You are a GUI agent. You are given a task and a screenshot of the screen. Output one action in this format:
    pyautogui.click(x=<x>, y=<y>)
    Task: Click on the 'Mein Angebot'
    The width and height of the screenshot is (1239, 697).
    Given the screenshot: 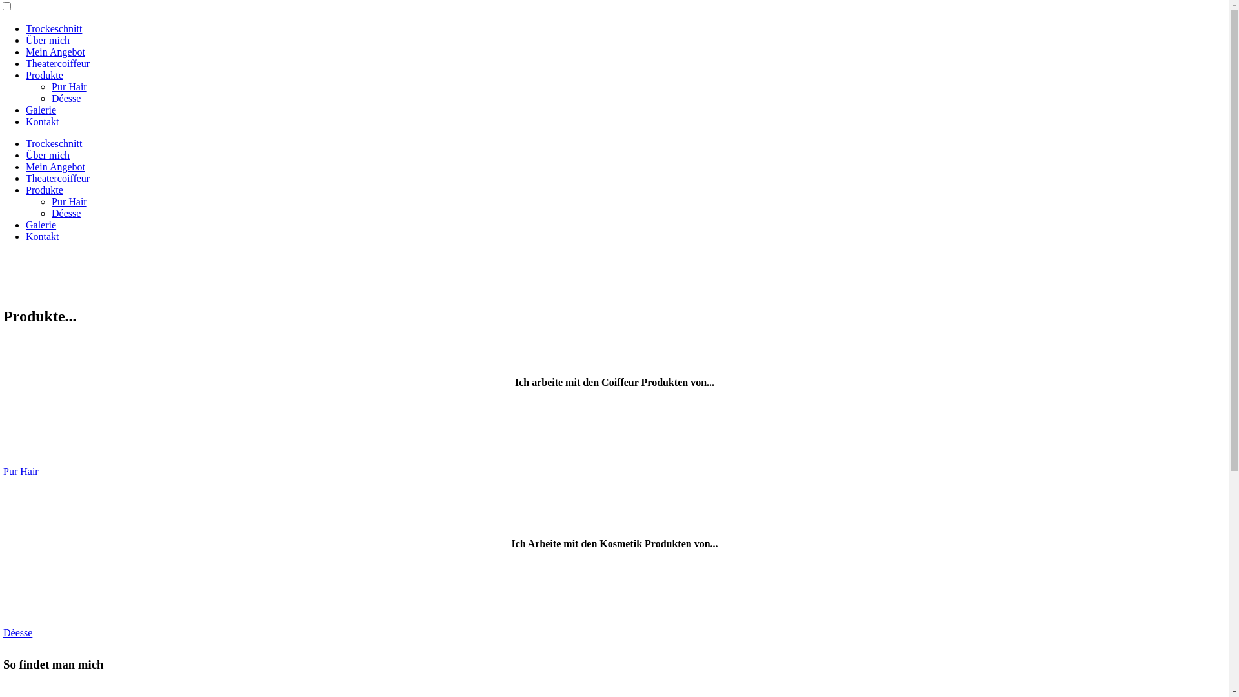 What is the action you would take?
    pyautogui.click(x=55, y=51)
    